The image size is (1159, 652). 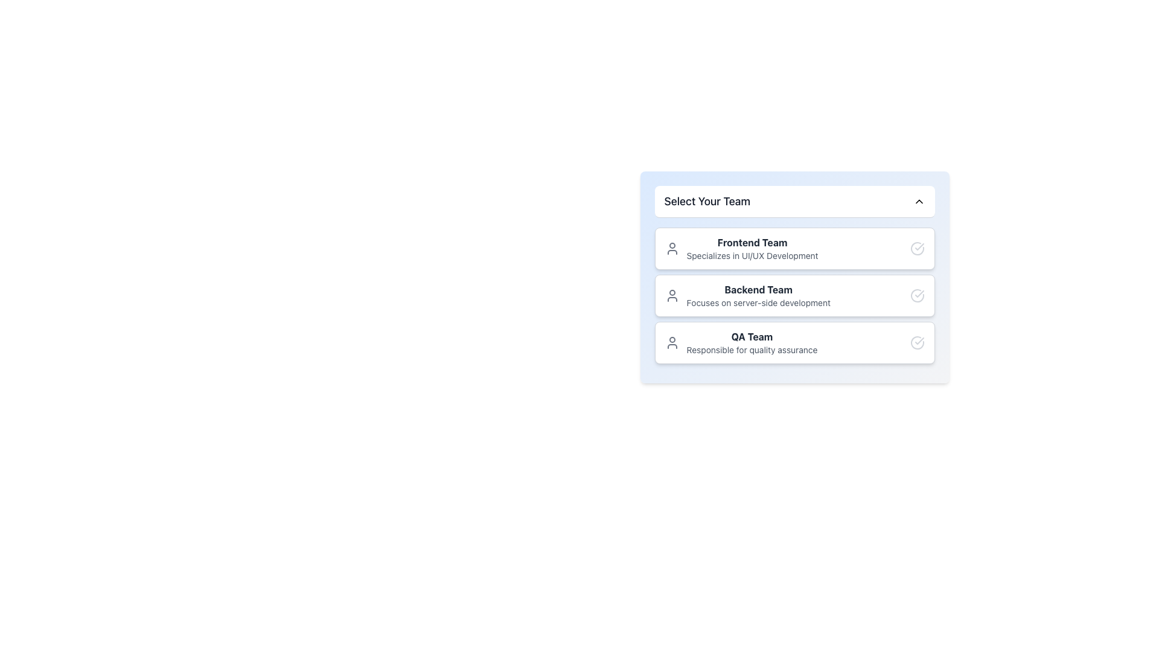 I want to click on the selectable option for the QA Team, which is the third item in a vertically stacked list of team choices inside a rounded rectangular card, so click(x=741, y=342).